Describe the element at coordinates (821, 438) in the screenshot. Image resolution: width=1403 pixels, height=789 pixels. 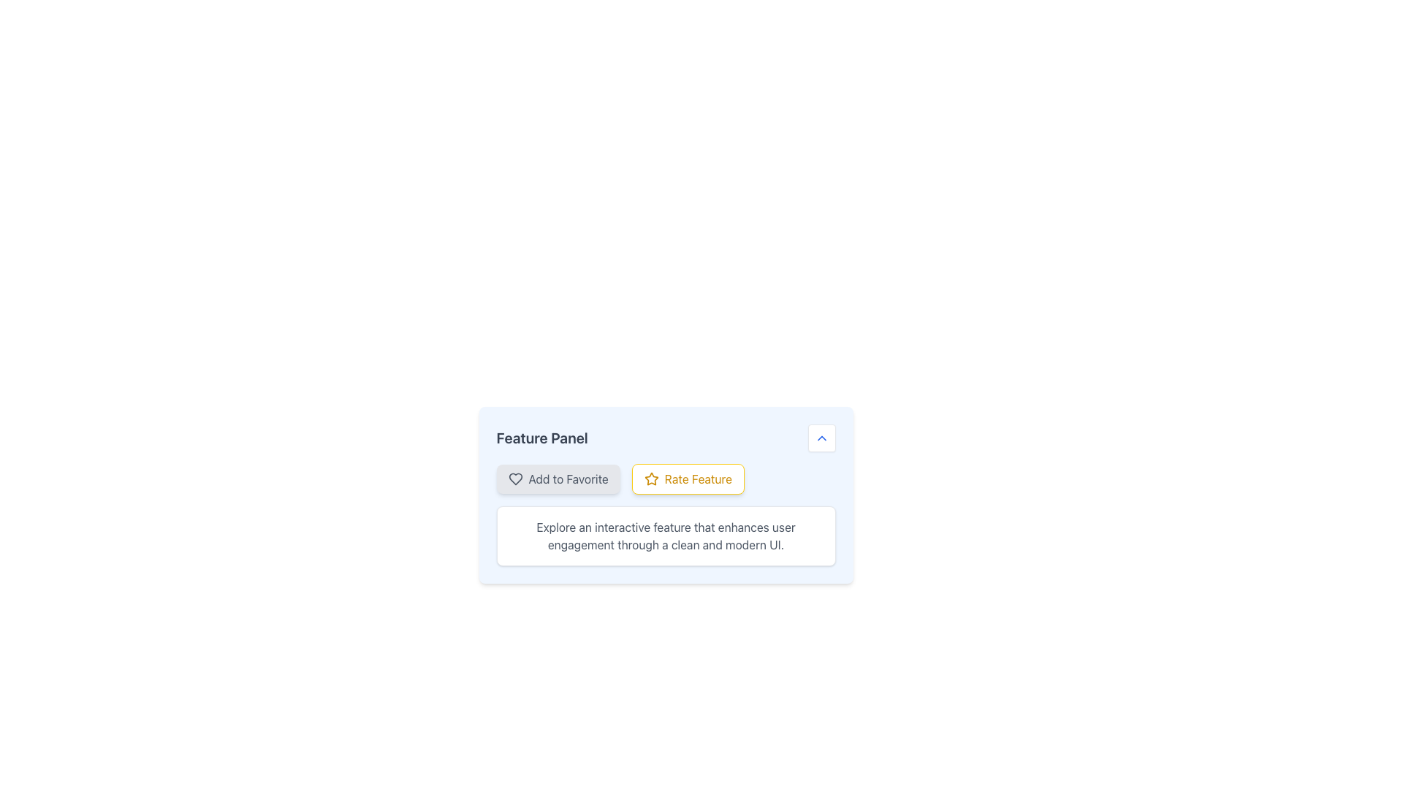
I see `the upward-facing chevron icon located in the top-right corner of the 'Feature Panel' section` at that location.